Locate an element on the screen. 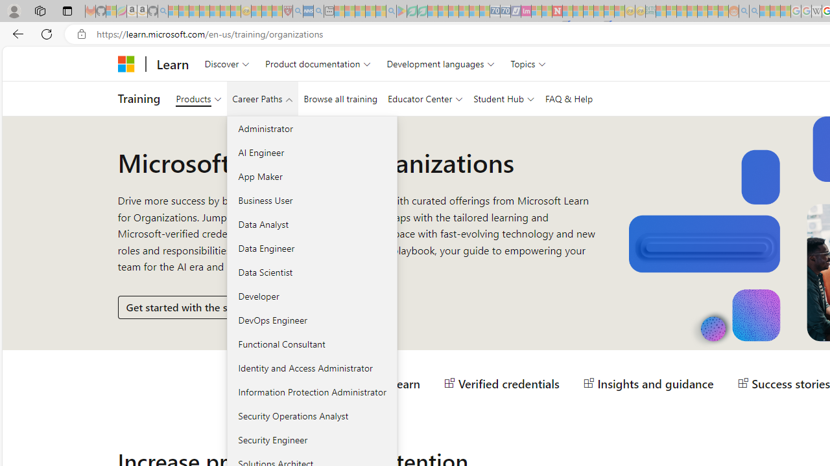 The width and height of the screenshot is (830, 466). 'Developer' is located at coordinates (312, 296).